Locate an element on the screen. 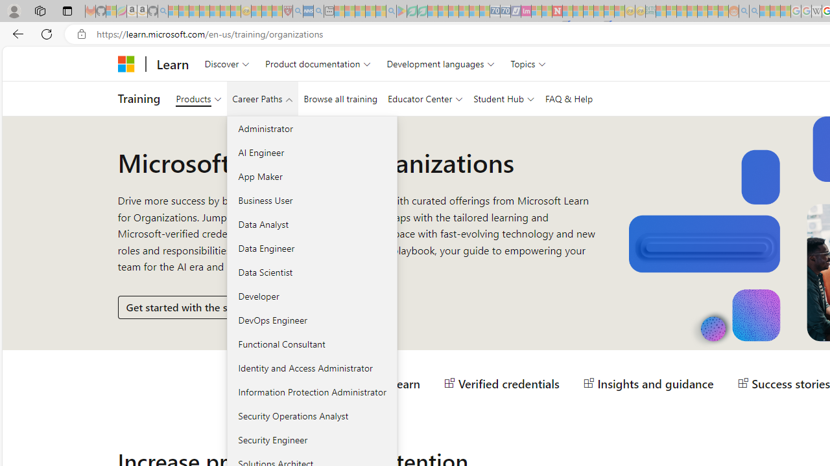 The width and height of the screenshot is (830, 466). 'Developer' is located at coordinates (312, 296).